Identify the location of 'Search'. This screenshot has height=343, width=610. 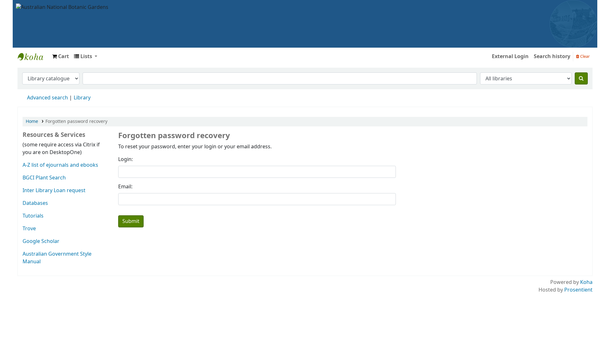
(581, 78).